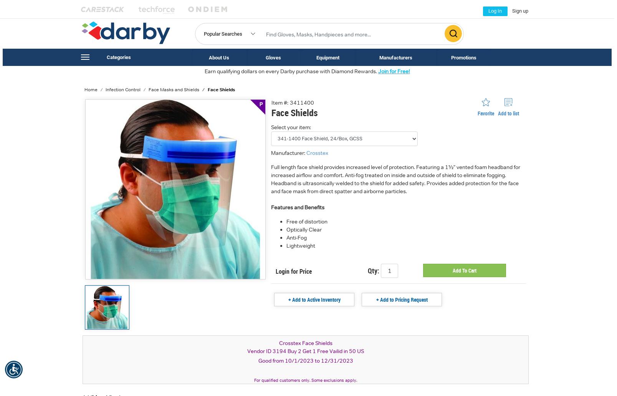  Describe the element at coordinates (286, 245) in the screenshot. I see `'Lightweight'` at that location.